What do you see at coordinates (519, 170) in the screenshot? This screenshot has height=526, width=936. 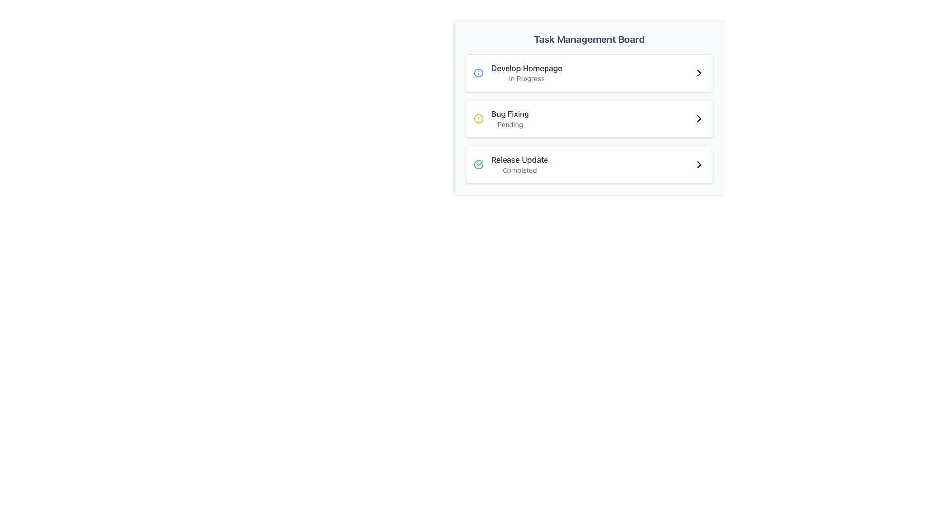 I see `the text label displaying the word 'Completed' in gray font, located below 'Release Update' in the bottom-right task card` at bounding box center [519, 170].